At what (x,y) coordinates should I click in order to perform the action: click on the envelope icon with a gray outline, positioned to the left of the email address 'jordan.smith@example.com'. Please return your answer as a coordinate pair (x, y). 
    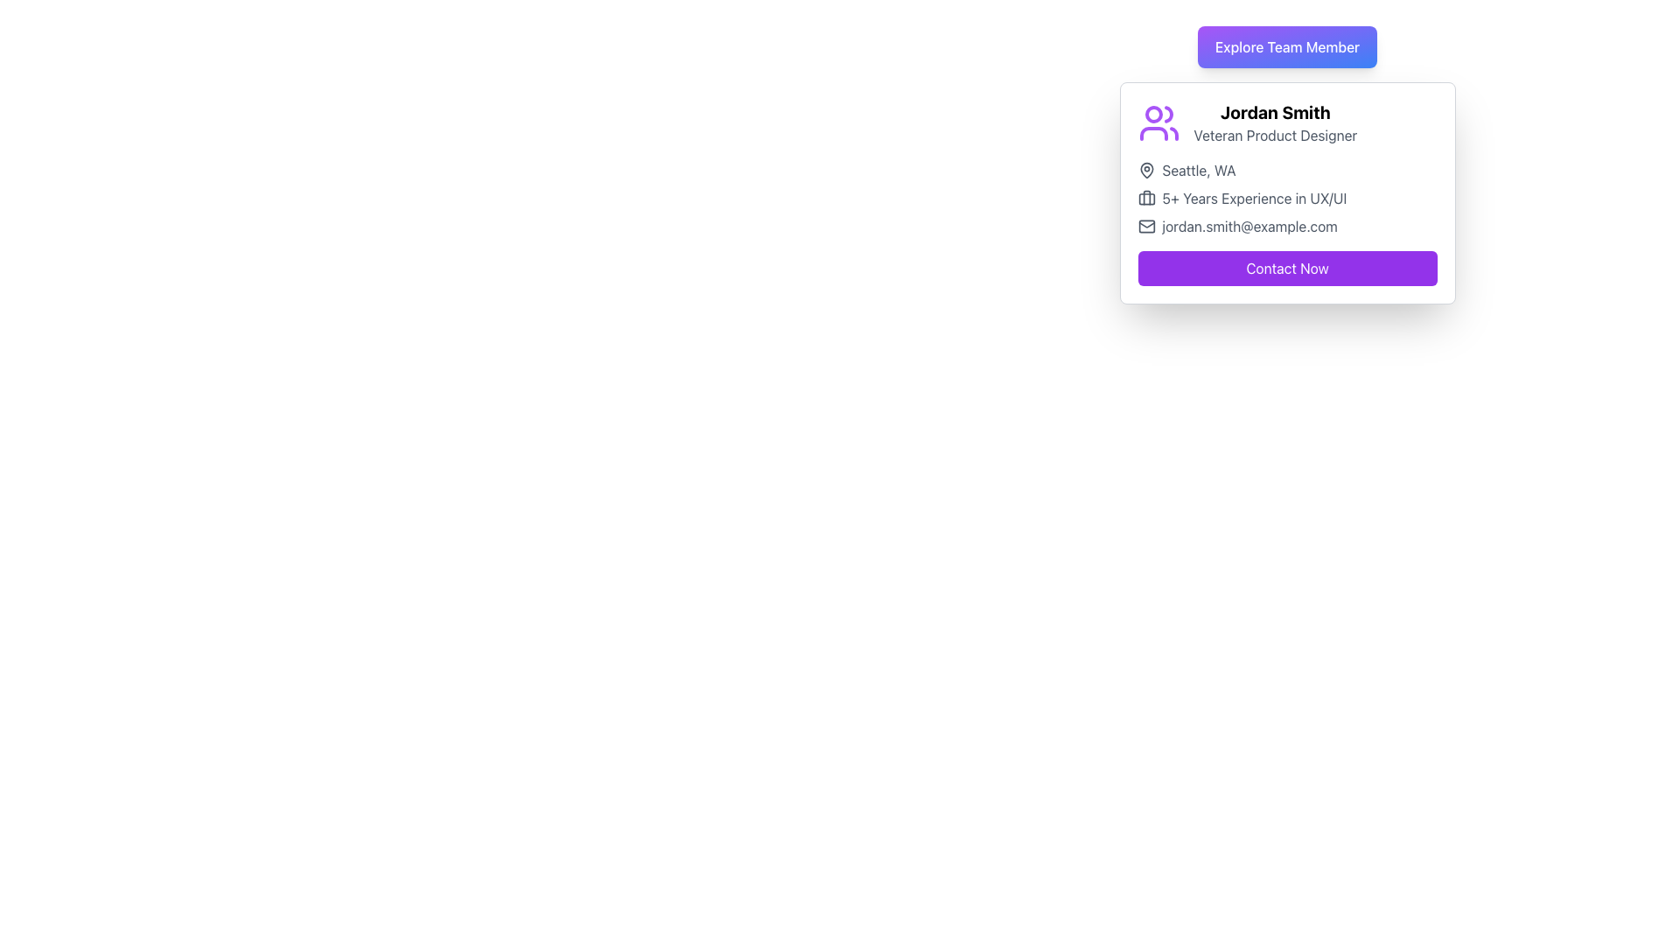
    Looking at the image, I should click on (1146, 225).